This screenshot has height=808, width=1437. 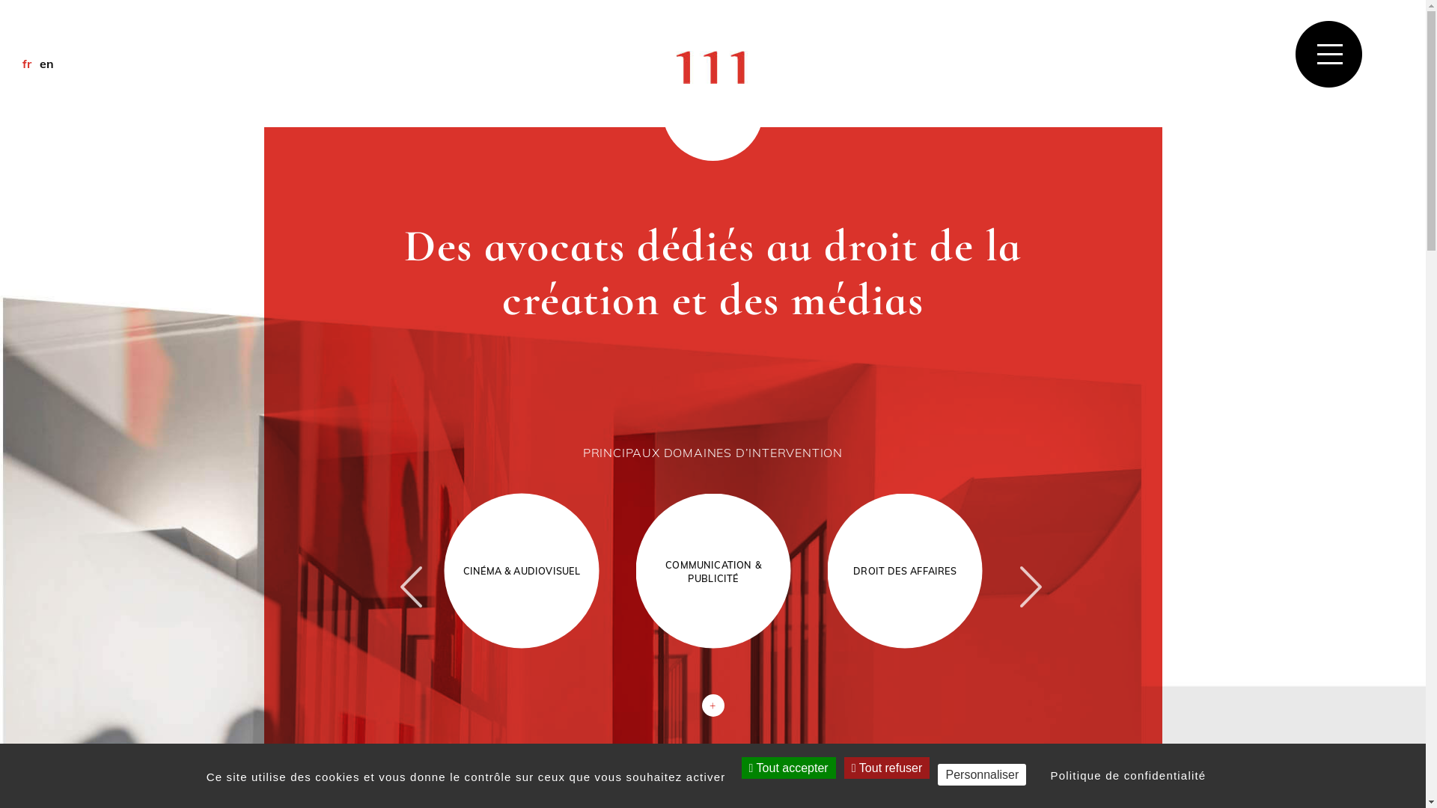 I want to click on 'en', so click(x=46, y=62).